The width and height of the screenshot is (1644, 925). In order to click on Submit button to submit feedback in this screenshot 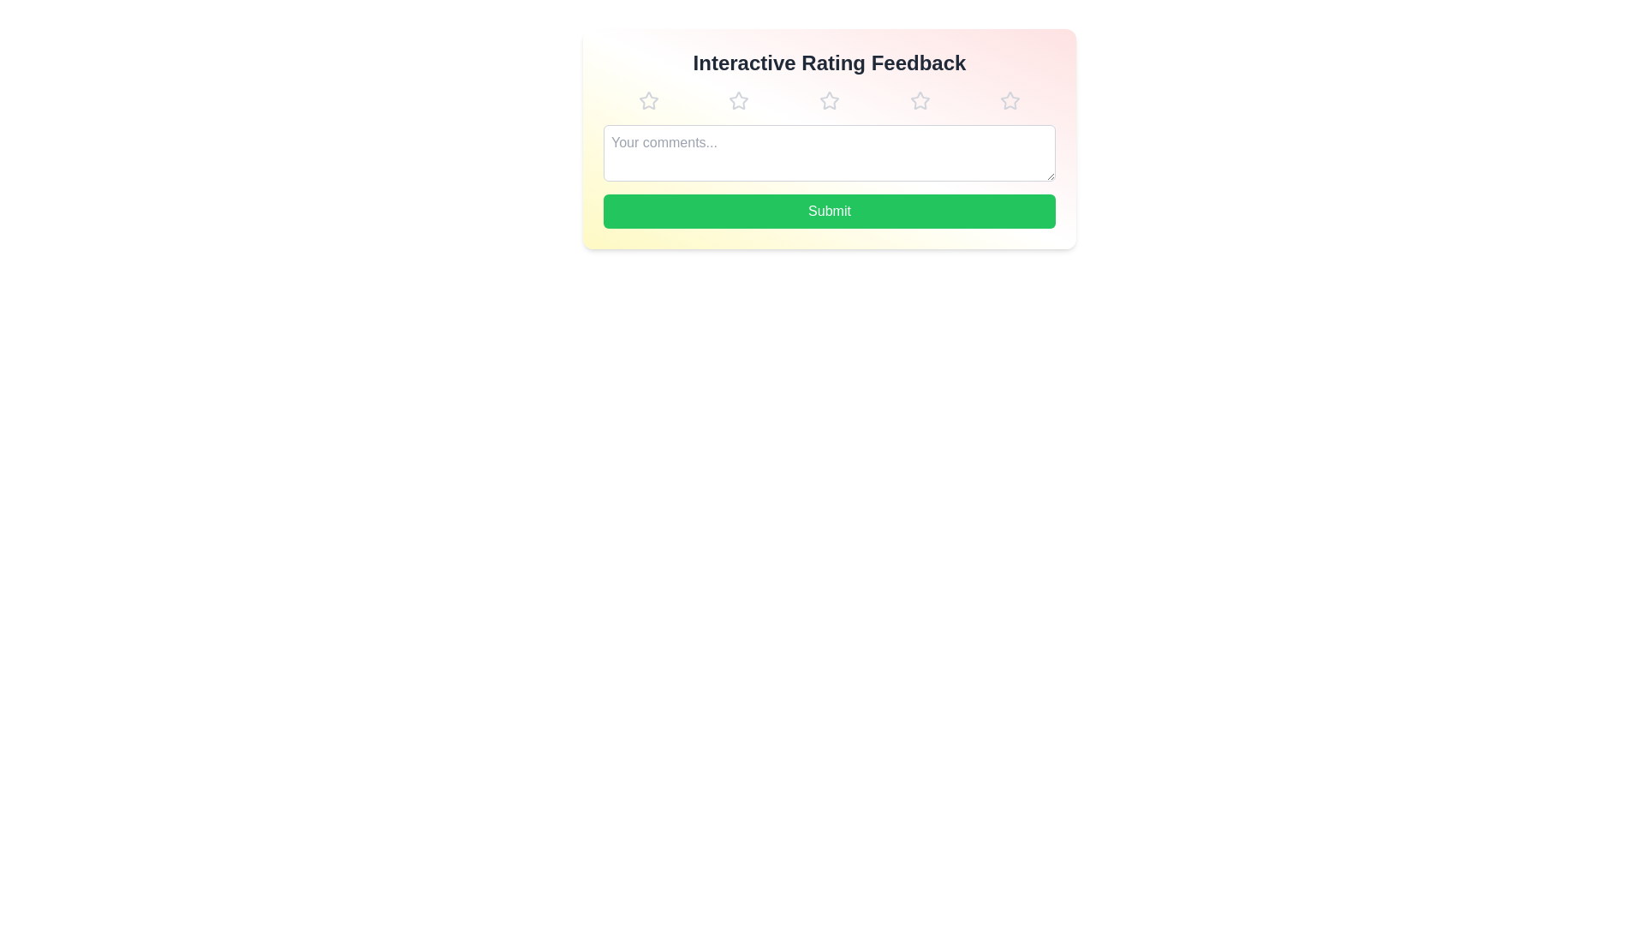, I will do `click(830, 210)`.